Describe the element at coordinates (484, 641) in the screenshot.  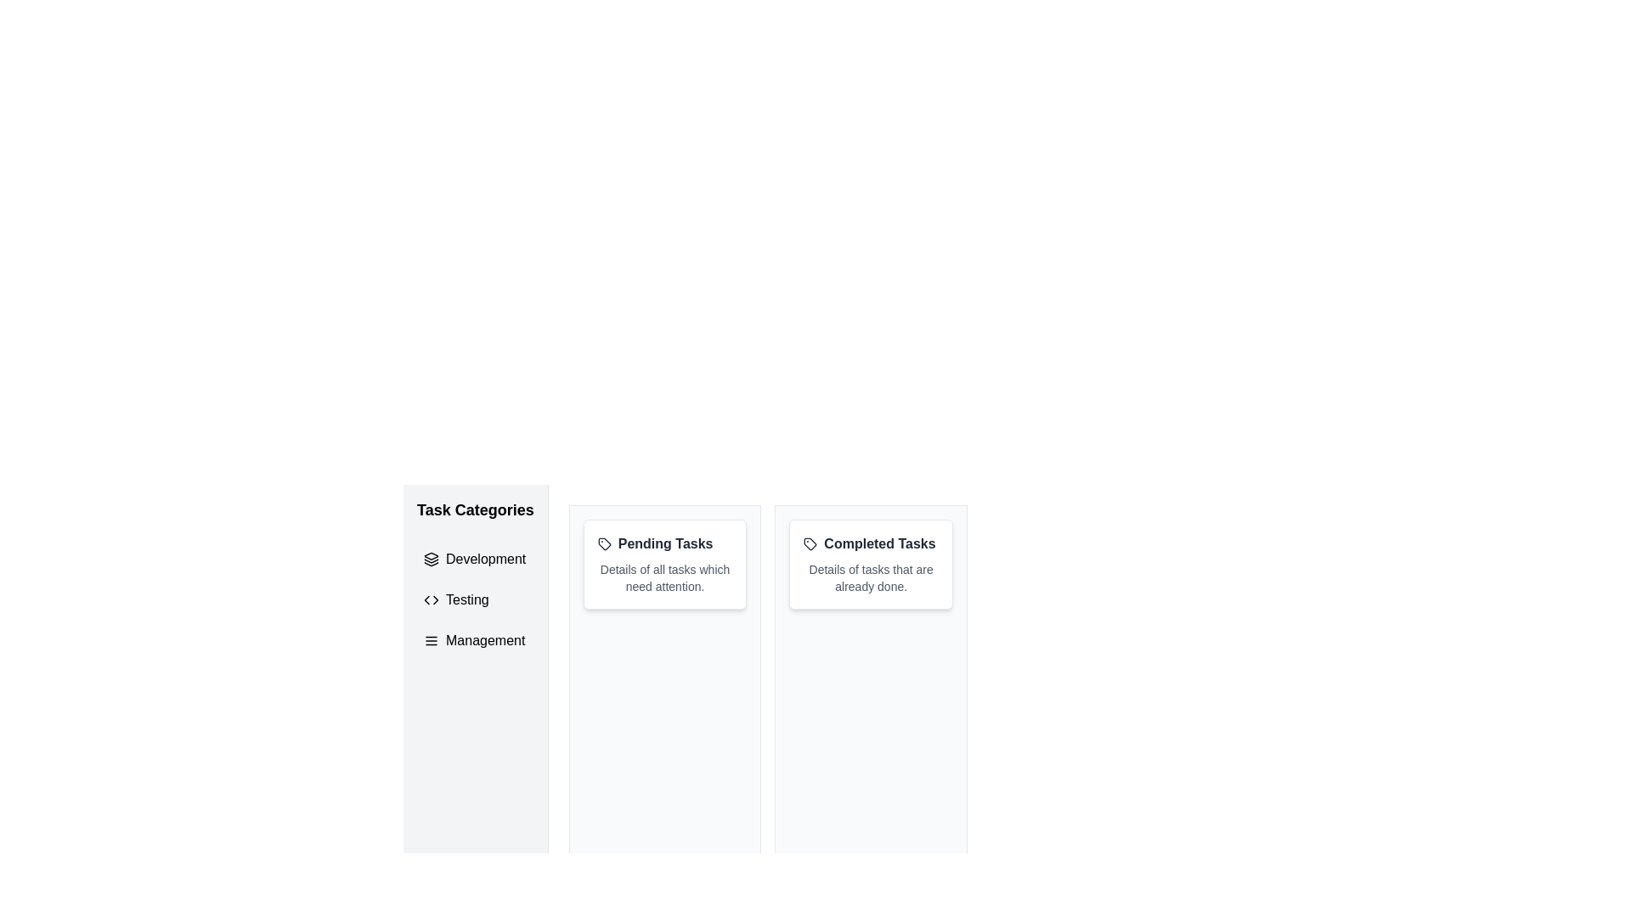
I see `the 'Management' text label` at that location.